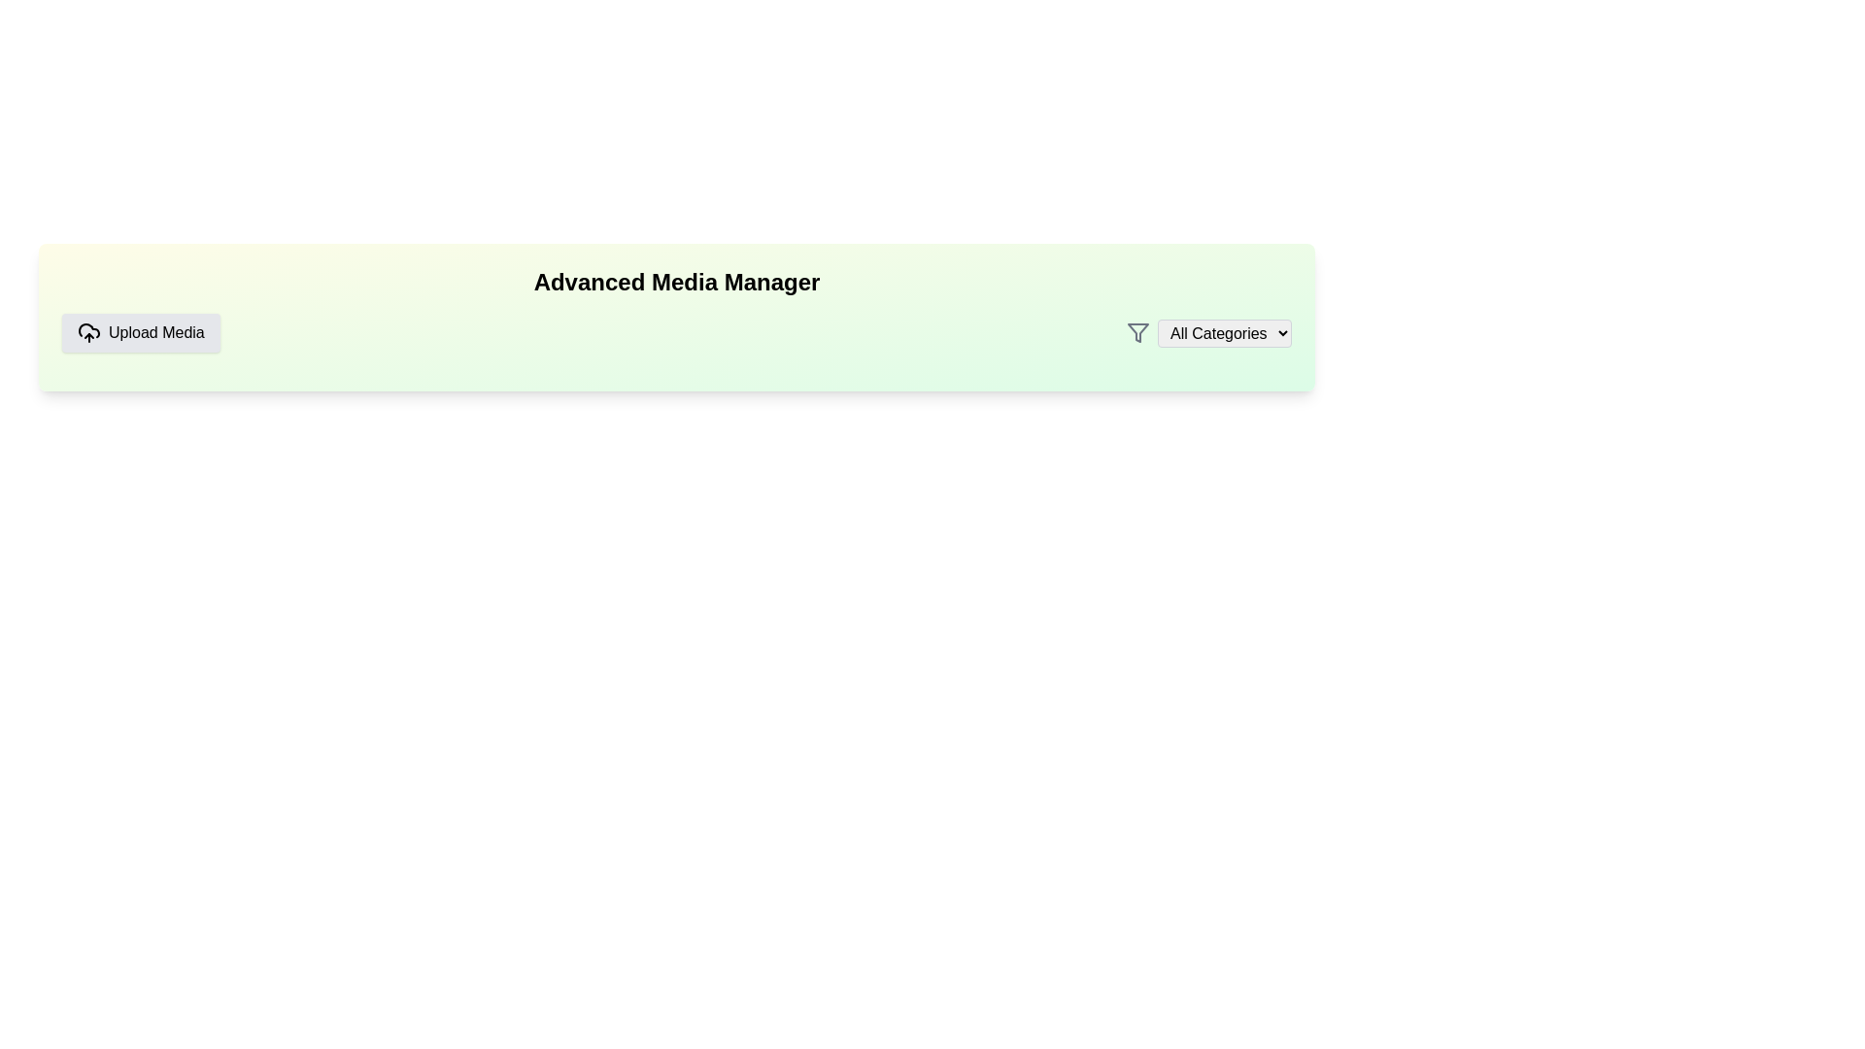  I want to click on the filtering SVG icon located directly to the left of the 'All Categories' dropdown menu, so click(1137, 332).